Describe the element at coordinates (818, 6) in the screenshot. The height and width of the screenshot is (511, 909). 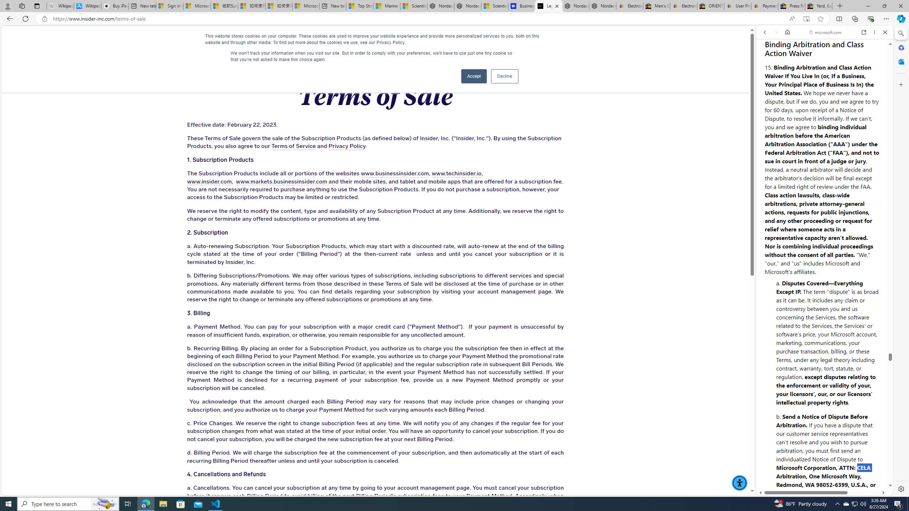
I see `'Yard, Garden & Outdoor Living'` at that location.